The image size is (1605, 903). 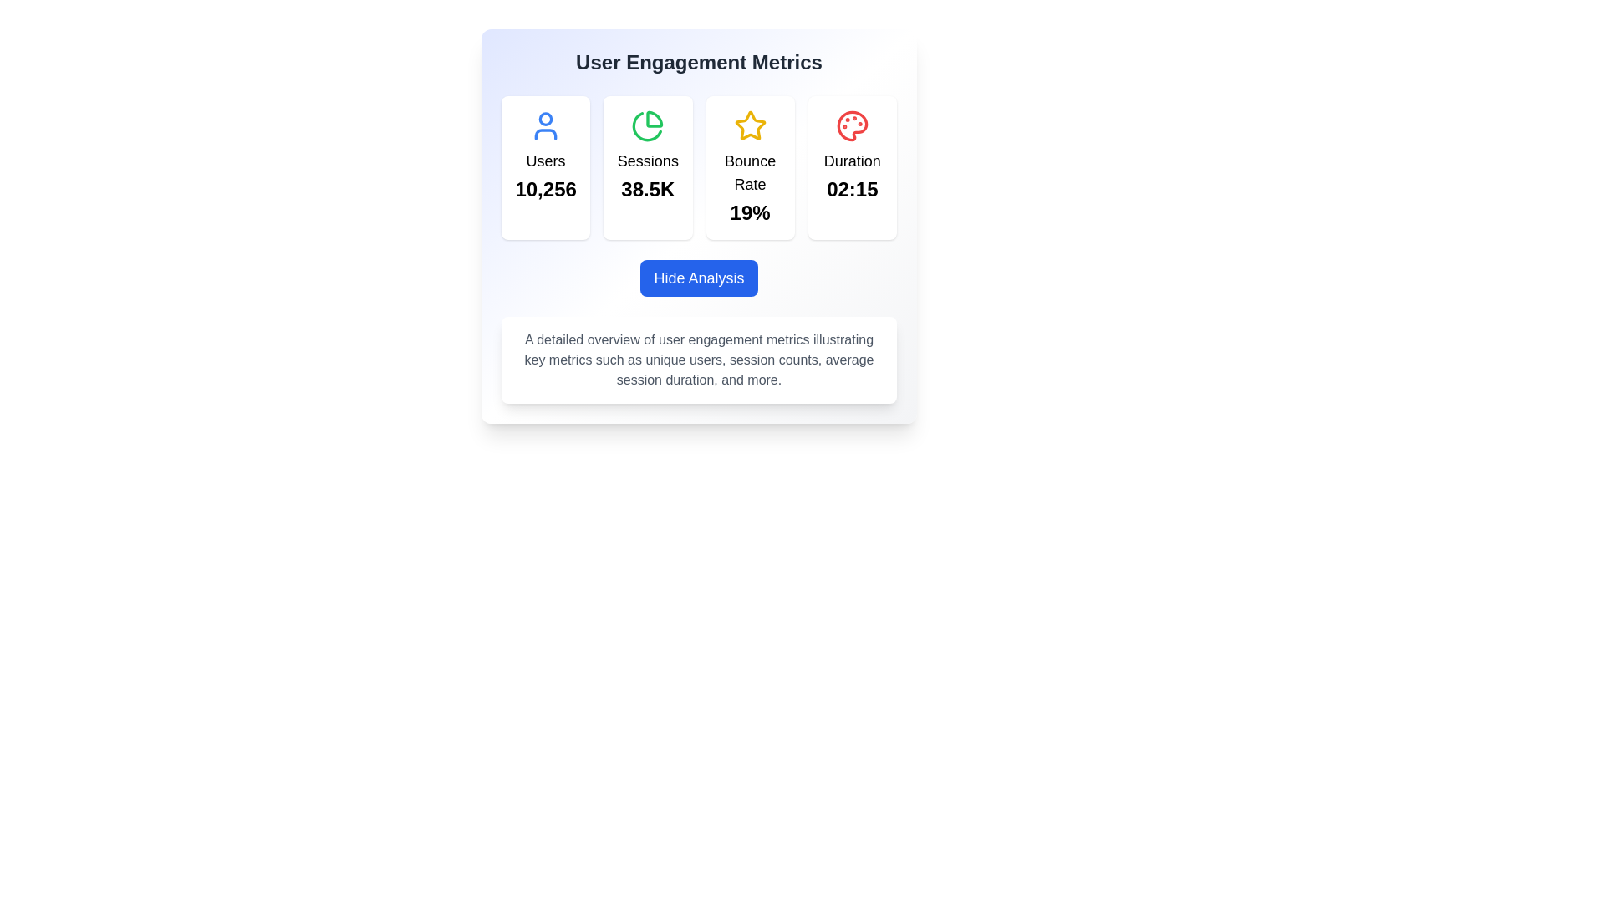 What do you see at coordinates (699, 277) in the screenshot?
I see `the 'Hide Analysis' button, which is a rectangular button with white text on a blue background, located underneath engagement metrics` at bounding box center [699, 277].